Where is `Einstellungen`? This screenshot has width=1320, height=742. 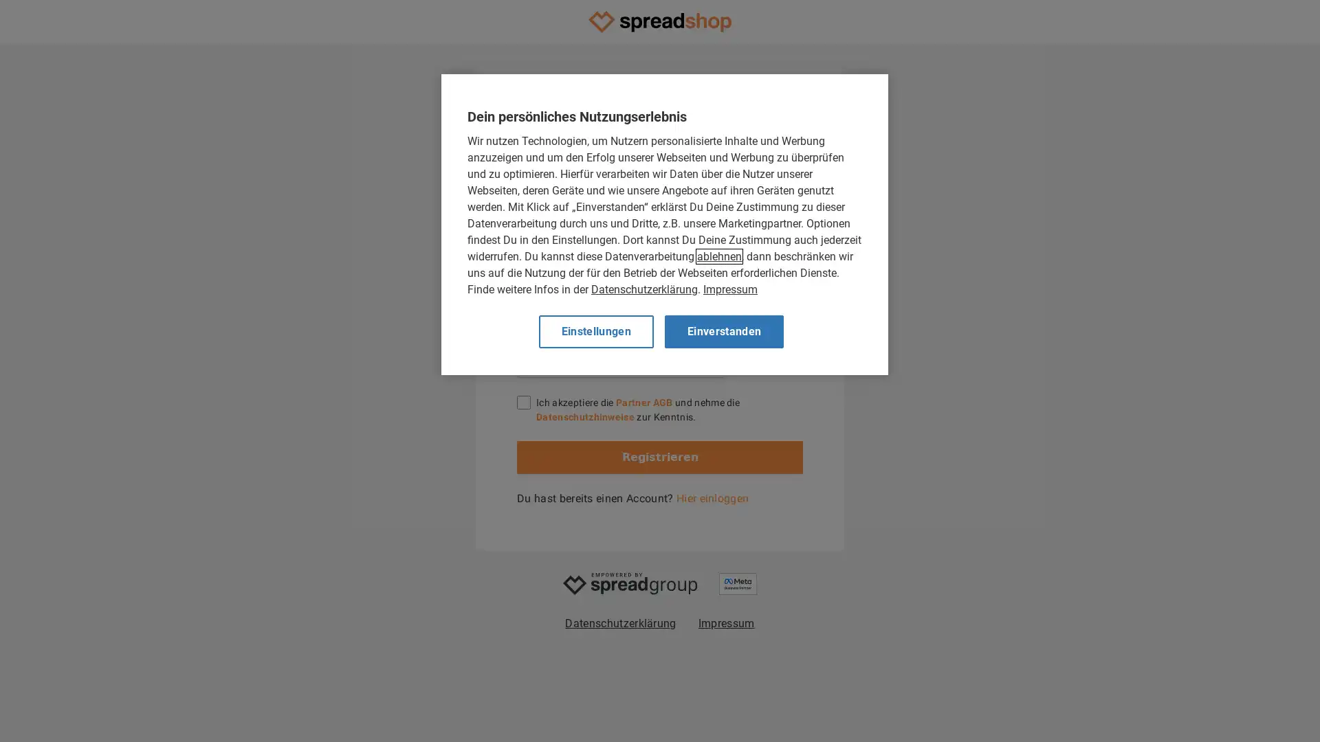
Einstellungen is located at coordinates (596, 331).